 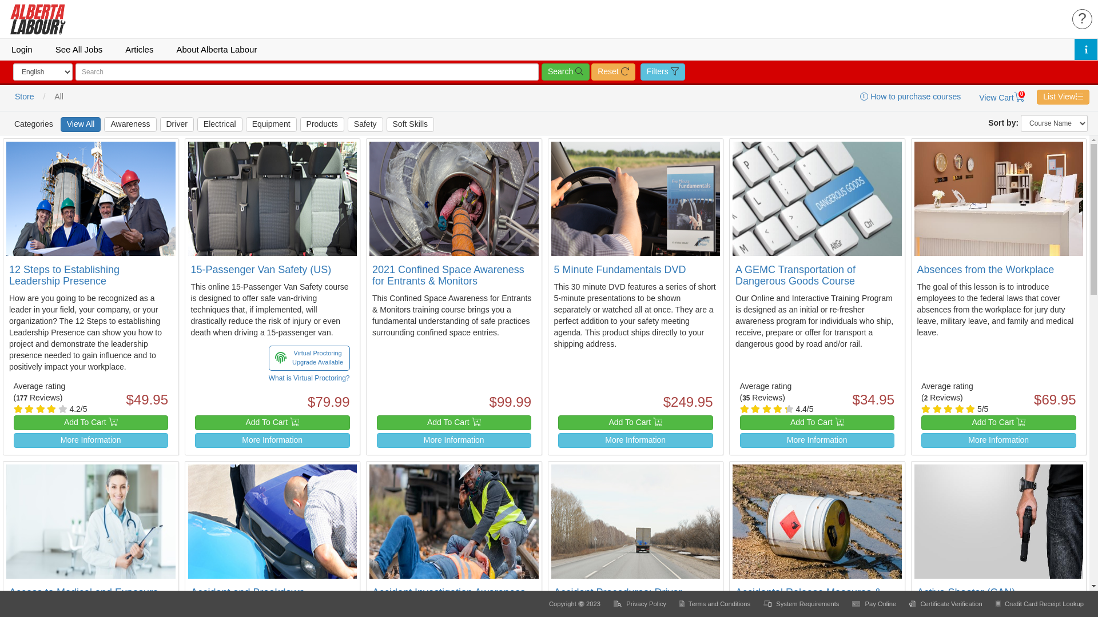 What do you see at coordinates (1040, 603) in the screenshot?
I see `'Credit Card Receipt Lookup'` at bounding box center [1040, 603].